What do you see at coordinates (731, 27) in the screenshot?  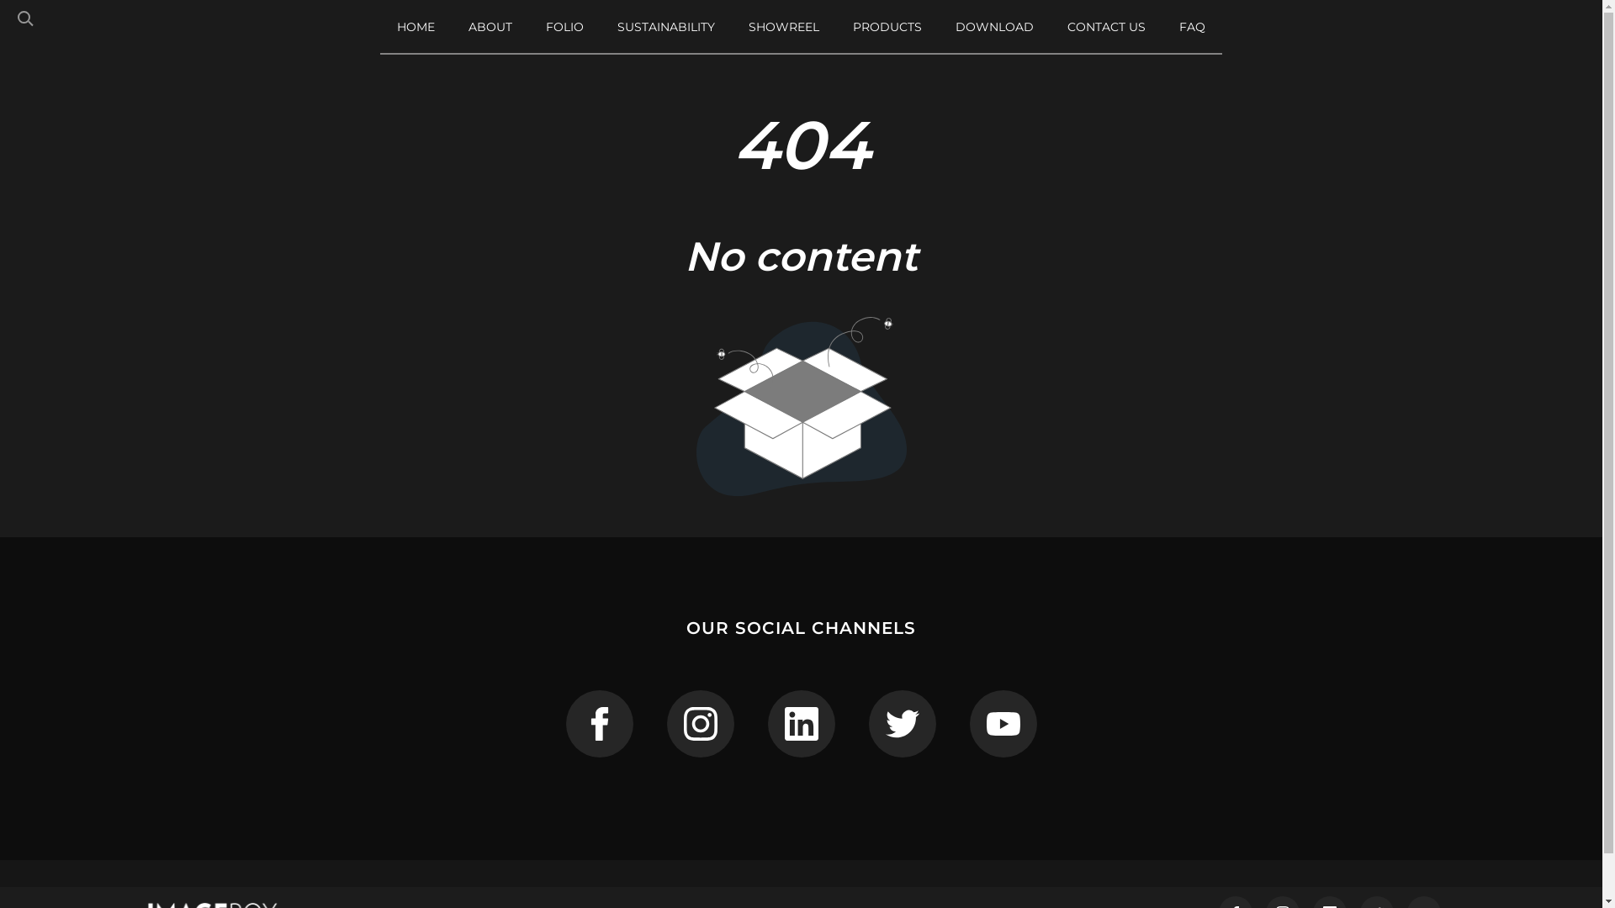 I see `'SHOWREEL'` at bounding box center [731, 27].